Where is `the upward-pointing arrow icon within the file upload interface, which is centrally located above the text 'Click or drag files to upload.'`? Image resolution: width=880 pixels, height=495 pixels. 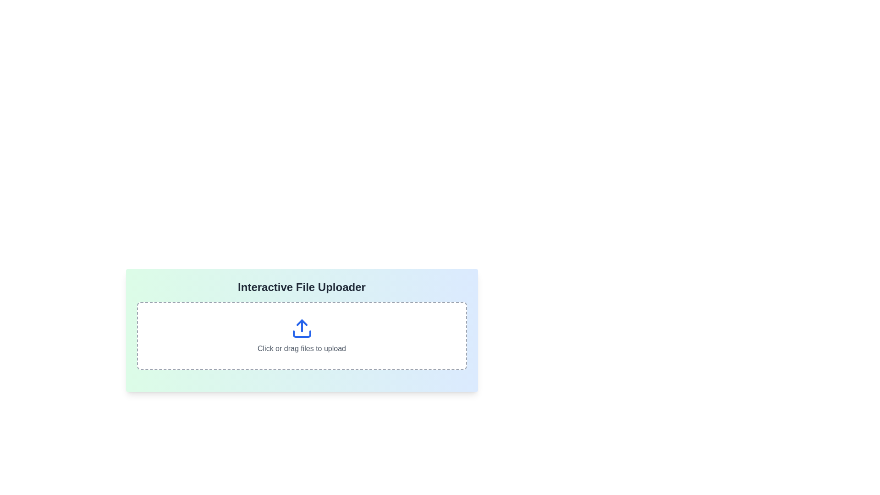 the upward-pointing arrow icon within the file upload interface, which is centrally located above the text 'Click or drag files to upload.' is located at coordinates (302, 322).